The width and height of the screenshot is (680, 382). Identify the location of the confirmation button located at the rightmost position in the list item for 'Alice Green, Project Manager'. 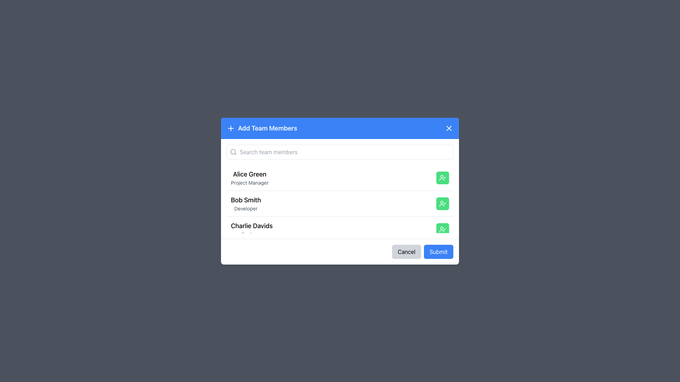
(442, 177).